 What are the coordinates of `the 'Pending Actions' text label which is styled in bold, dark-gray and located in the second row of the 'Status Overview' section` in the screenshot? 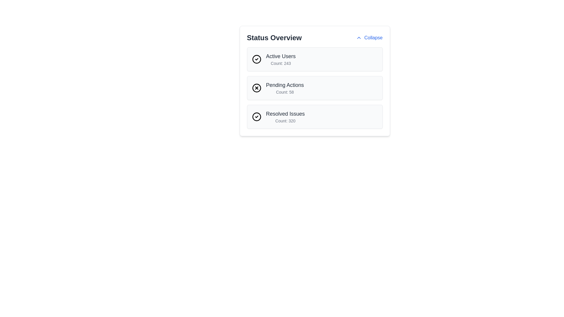 It's located at (285, 85).